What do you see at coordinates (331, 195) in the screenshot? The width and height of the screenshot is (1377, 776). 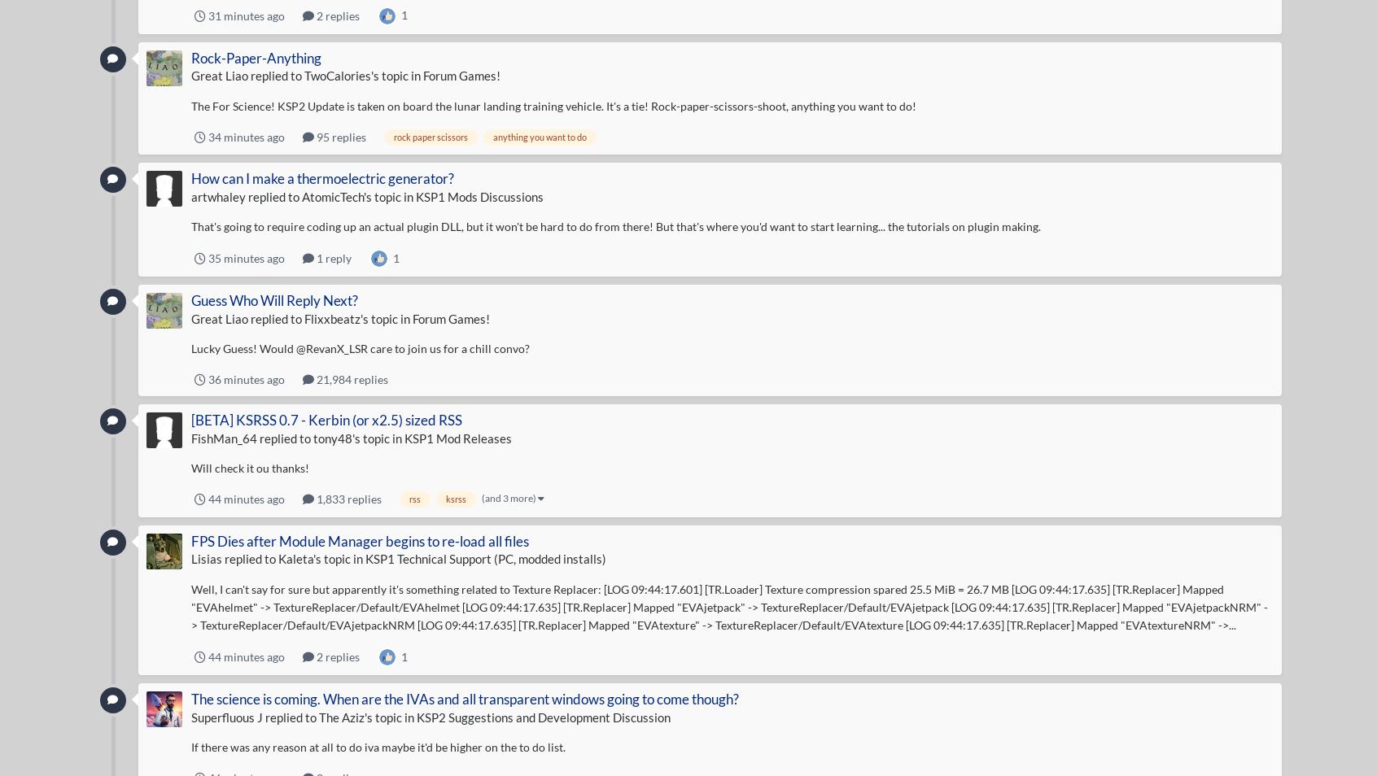 I see `'AtomicTech'` at bounding box center [331, 195].